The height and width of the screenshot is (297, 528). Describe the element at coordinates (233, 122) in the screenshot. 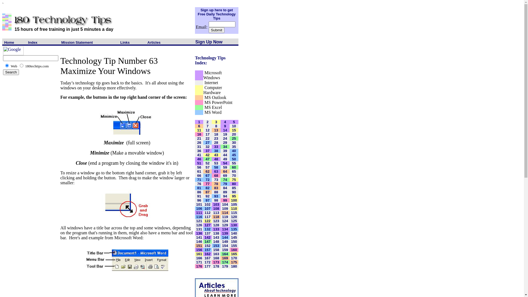

I see `'5'` at that location.